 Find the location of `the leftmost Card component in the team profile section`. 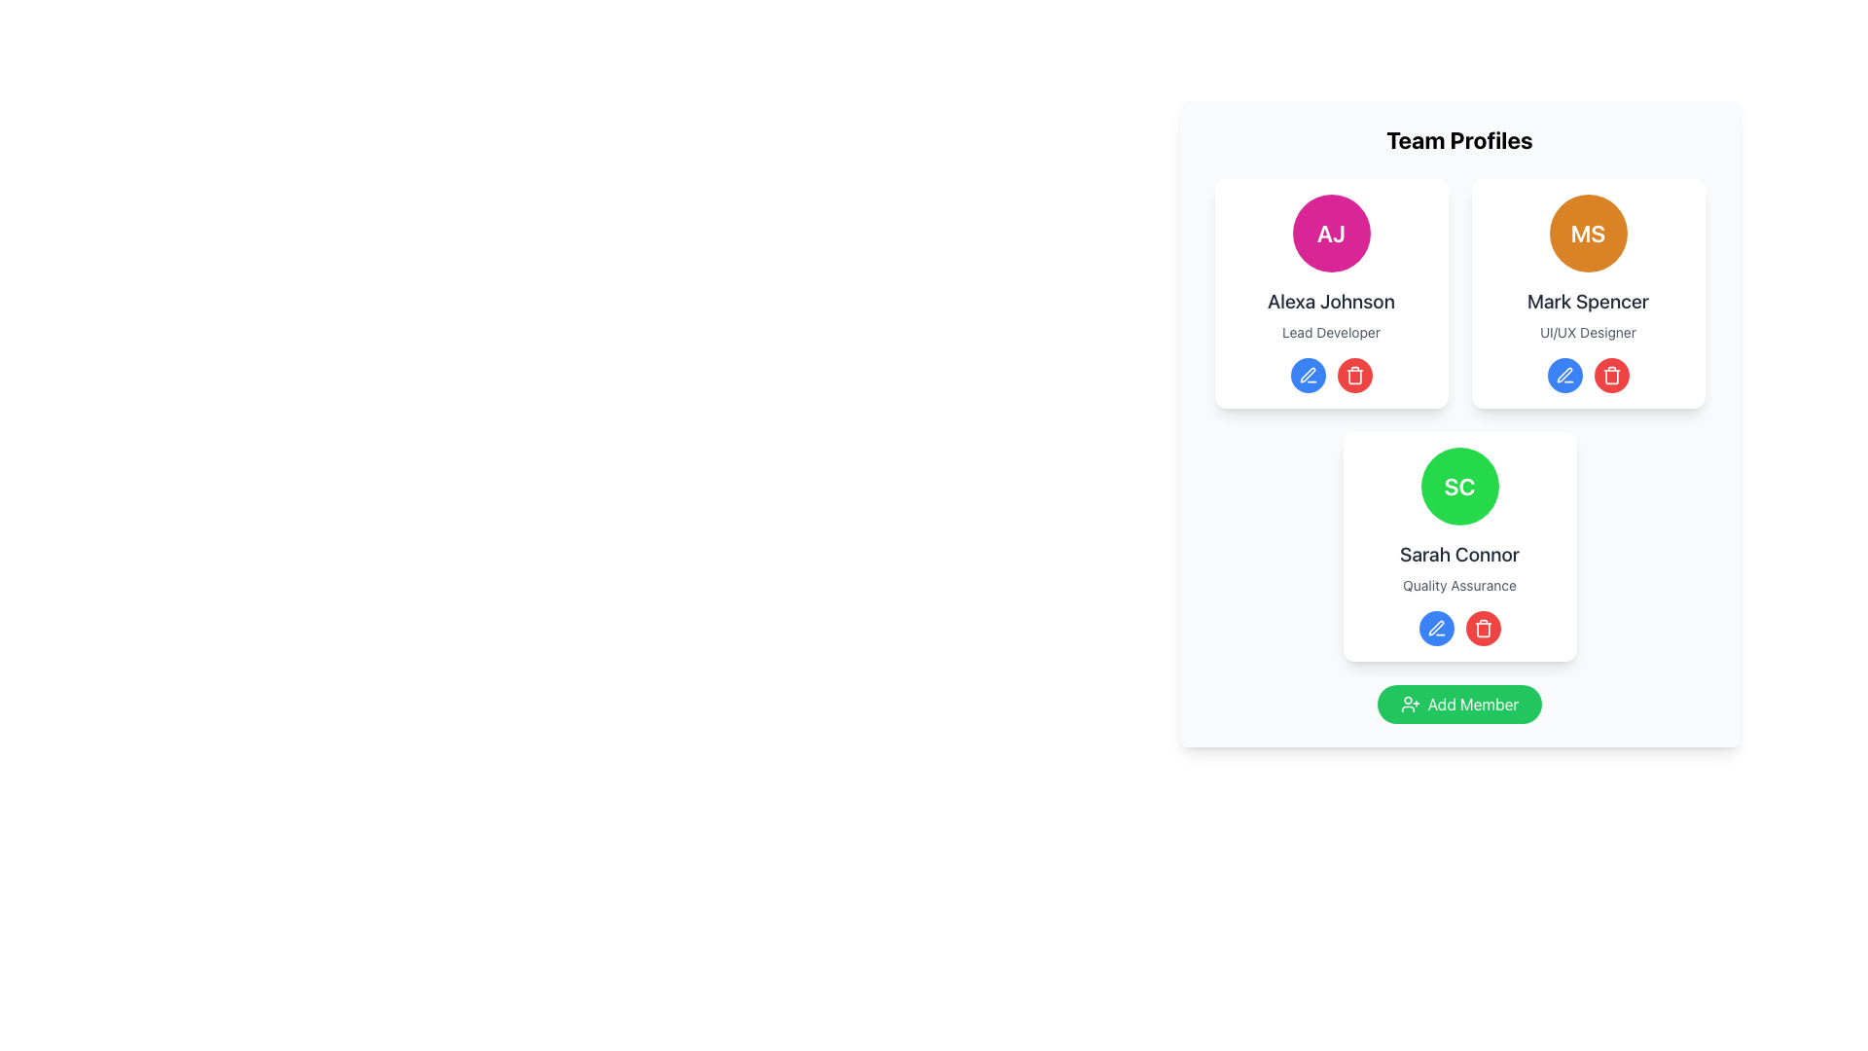

the leftmost Card component in the team profile section is located at coordinates (1330, 293).